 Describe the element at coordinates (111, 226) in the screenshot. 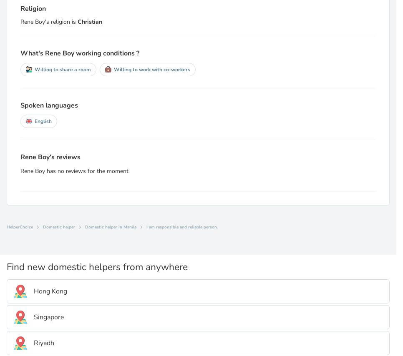

I see `'Domestic helper in Manila'` at that location.